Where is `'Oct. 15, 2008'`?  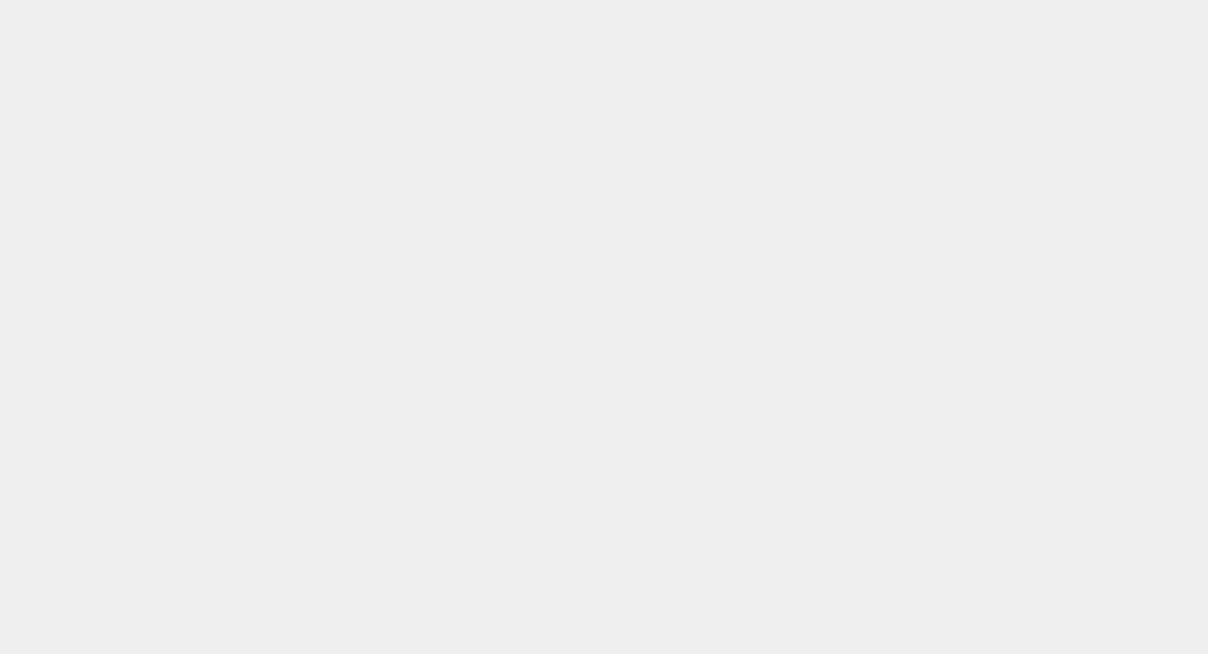 'Oct. 15, 2008' is located at coordinates (170, 258).